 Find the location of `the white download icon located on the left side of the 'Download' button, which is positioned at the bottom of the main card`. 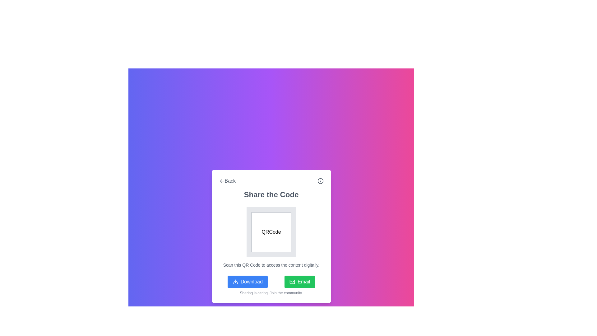

the white download icon located on the left side of the 'Download' button, which is positioned at the bottom of the main card is located at coordinates (235, 282).